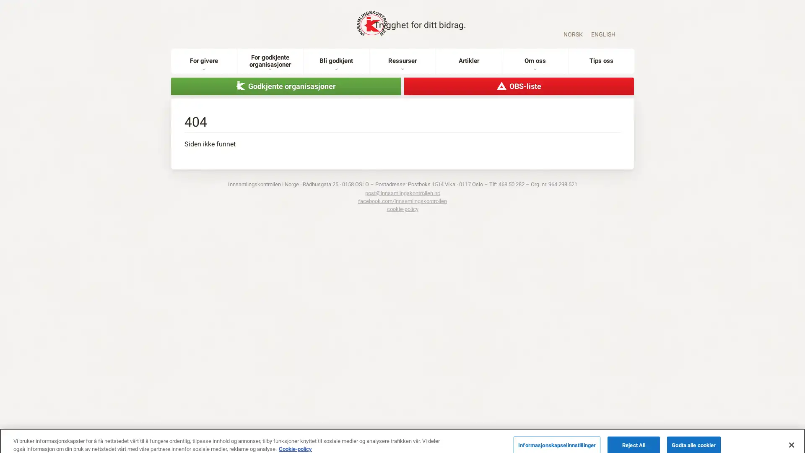 The image size is (805, 453). I want to click on Lukk, so click(791, 434).